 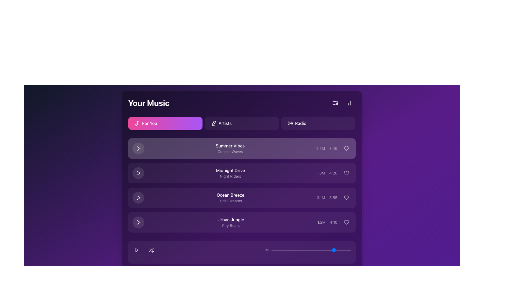 I want to click on the Textual Information Display showing '1.8M' and '4:20', which is located to the right of the music track titled 'Midnight Drive' and before the heart icon, so click(x=334, y=173).